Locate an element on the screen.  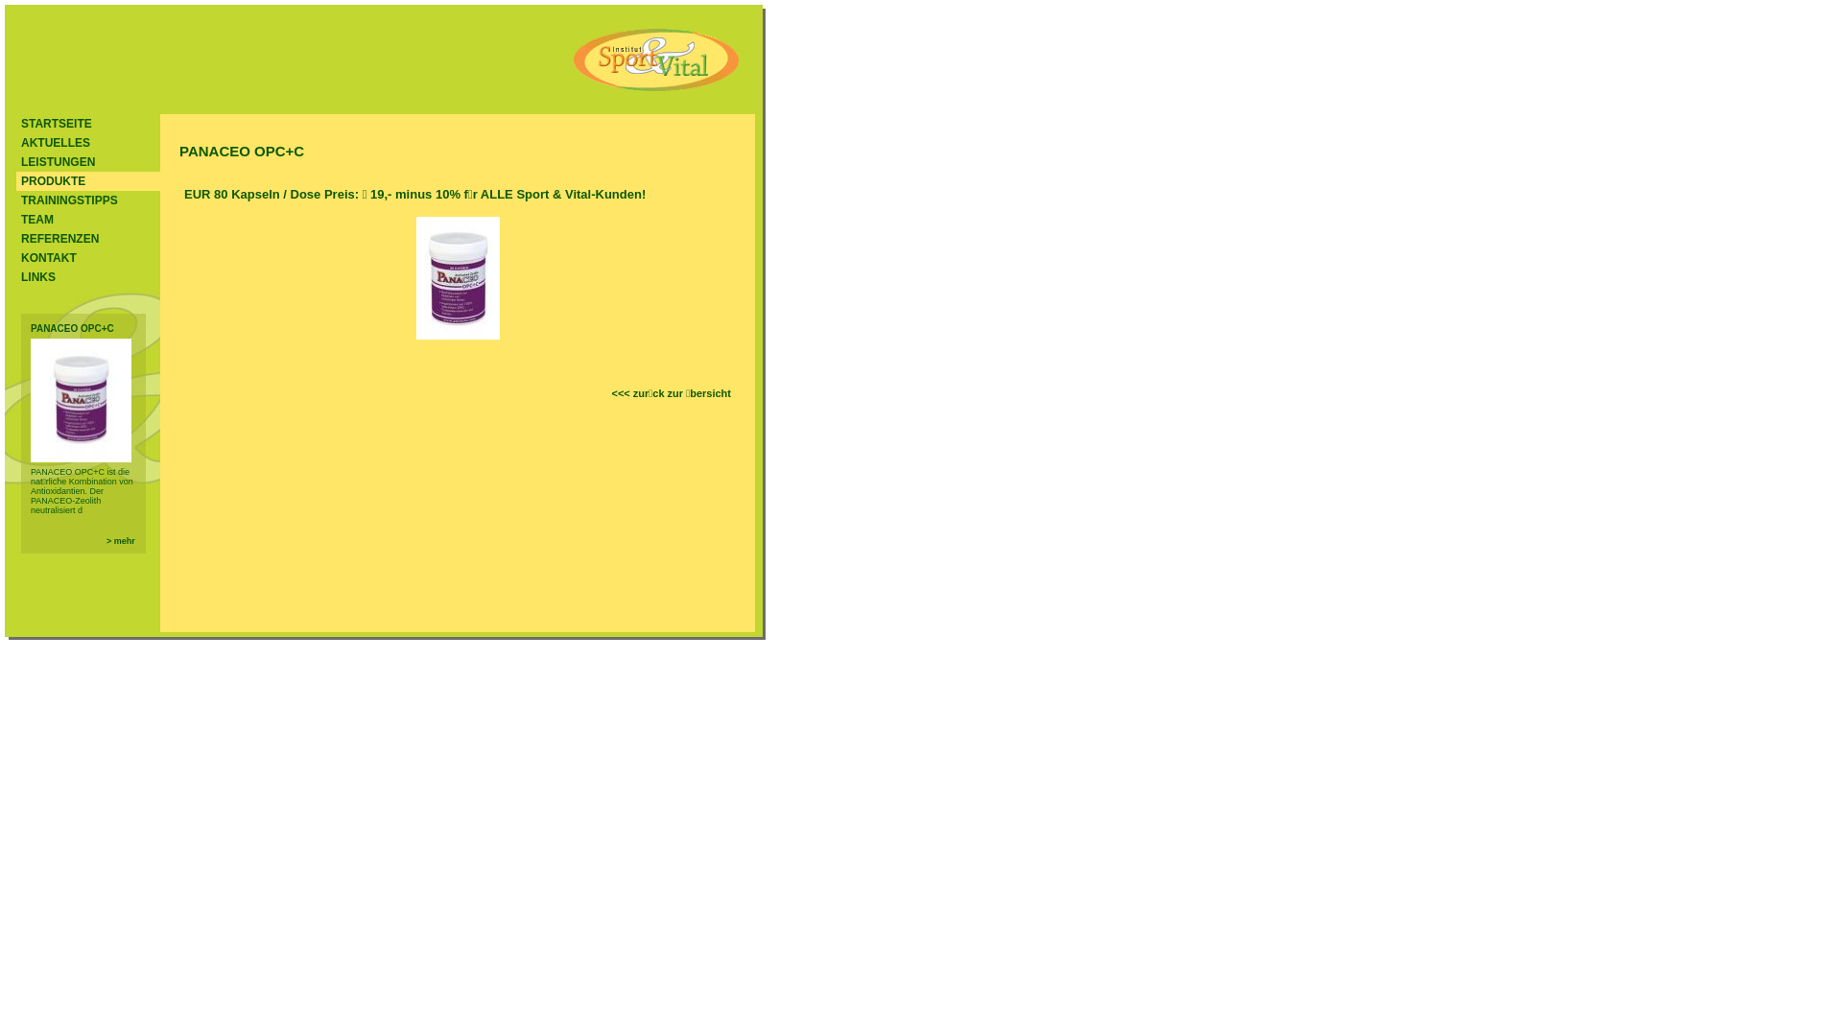
'REFERENZEN' is located at coordinates (86, 238).